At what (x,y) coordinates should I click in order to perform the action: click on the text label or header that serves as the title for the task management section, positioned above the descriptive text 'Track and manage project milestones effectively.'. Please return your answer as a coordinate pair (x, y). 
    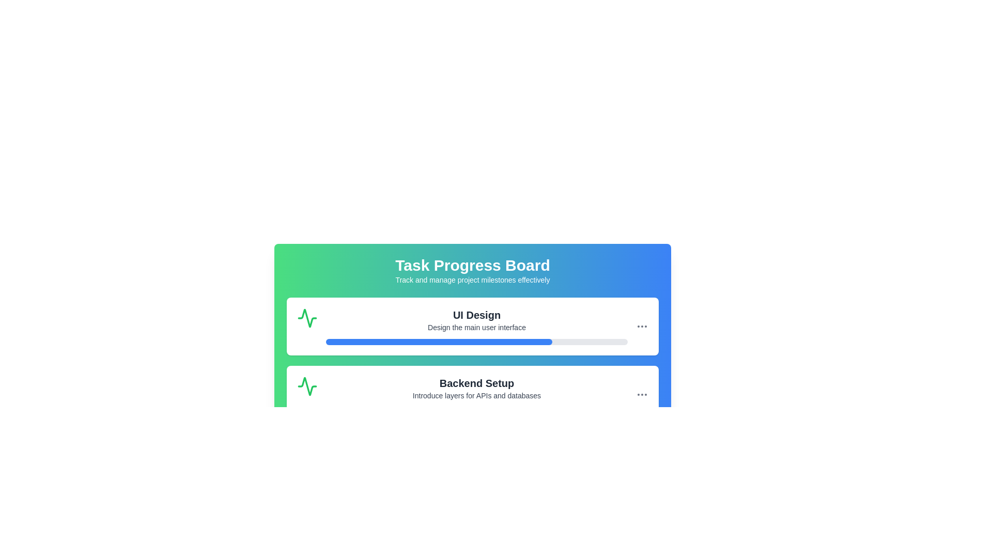
    Looking at the image, I should click on (472, 265).